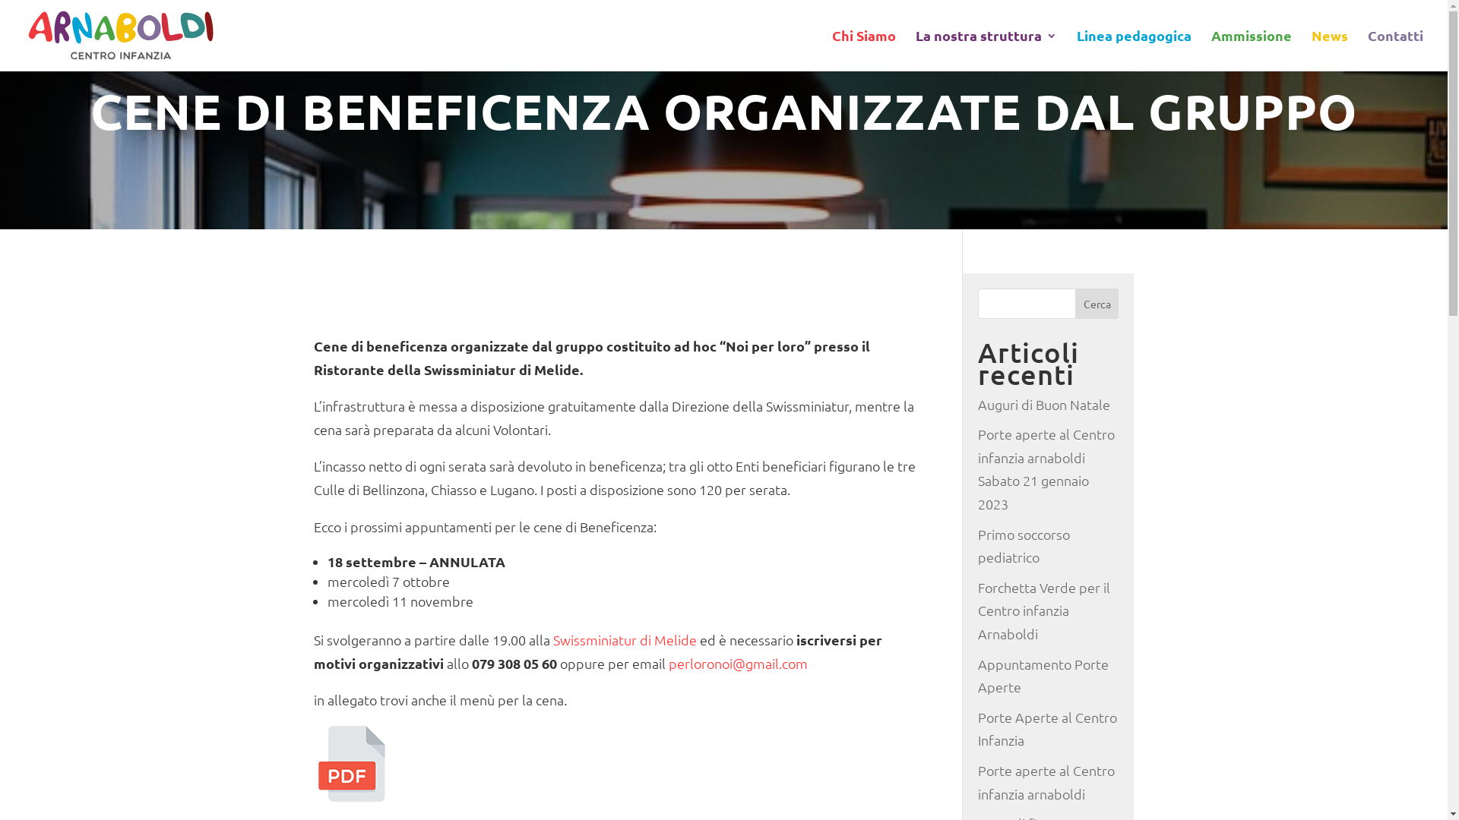 This screenshot has height=820, width=1459. Describe the element at coordinates (1043, 403) in the screenshot. I see `'Auguri di Buon Natale'` at that location.